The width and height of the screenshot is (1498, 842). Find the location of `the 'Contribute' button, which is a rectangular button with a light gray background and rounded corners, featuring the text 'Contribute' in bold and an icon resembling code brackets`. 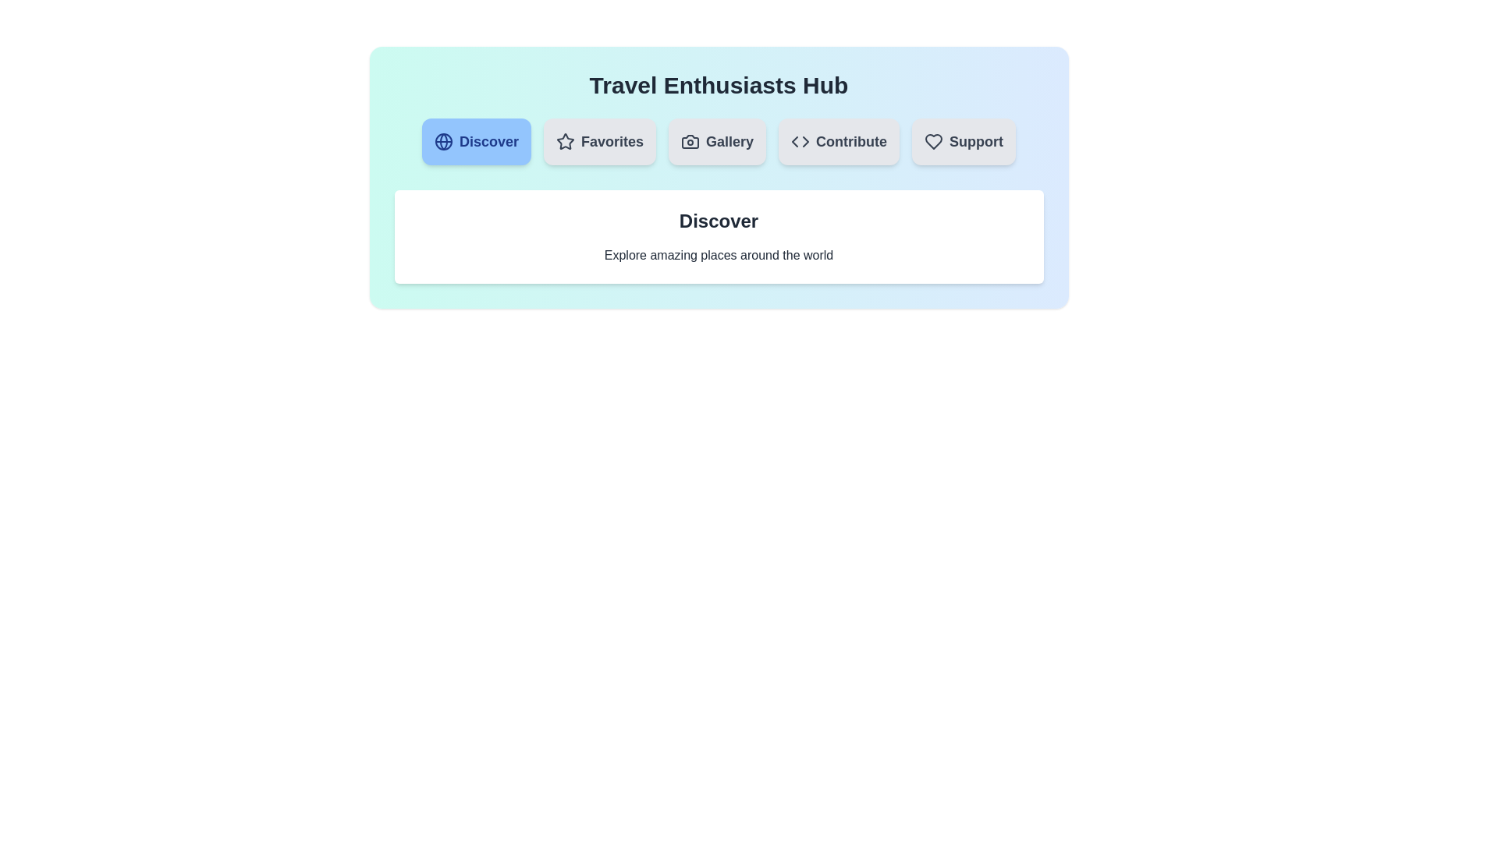

the 'Contribute' button, which is a rectangular button with a light gray background and rounded corners, featuring the text 'Contribute' in bold and an icon resembling code brackets is located at coordinates (838, 141).